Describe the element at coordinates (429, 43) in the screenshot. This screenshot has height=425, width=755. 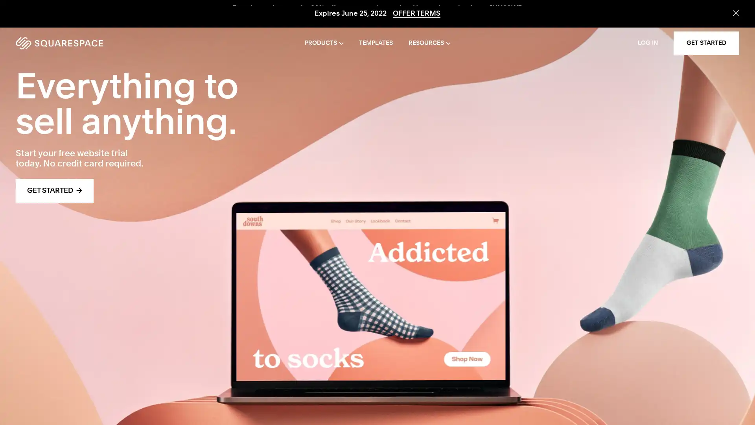
I see `Resources dropdown menu` at that location.